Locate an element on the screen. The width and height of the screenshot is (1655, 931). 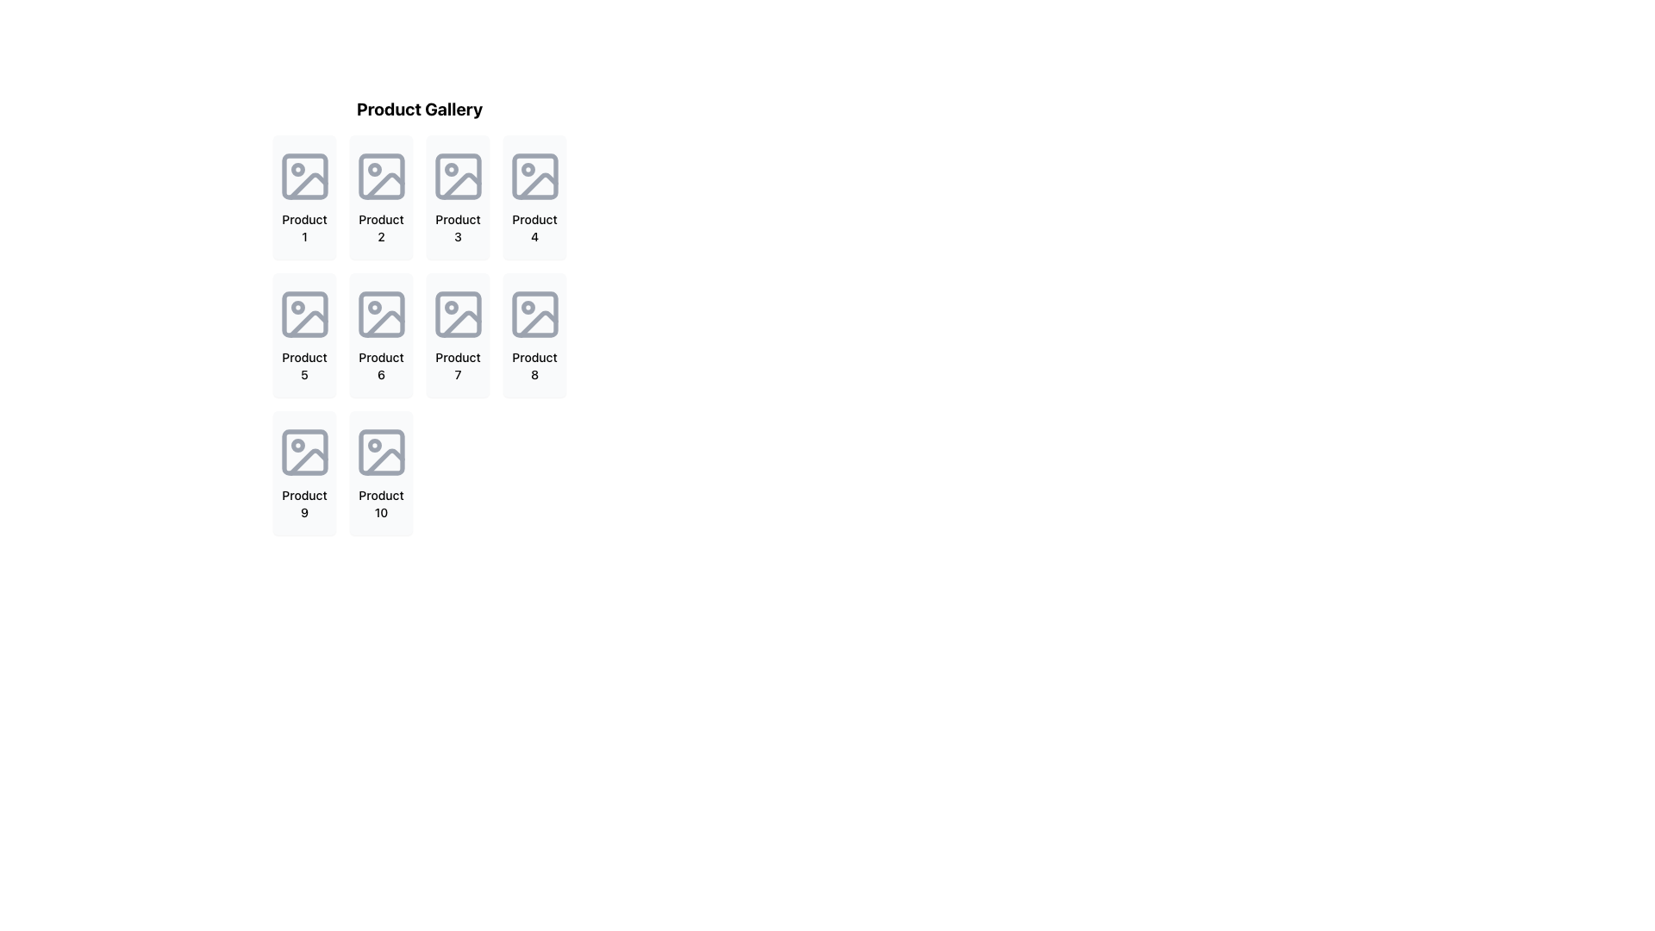
text label 'Product 1' located under an image icon in the top-left corner of the grid layout is located at coordinates (304, 228).